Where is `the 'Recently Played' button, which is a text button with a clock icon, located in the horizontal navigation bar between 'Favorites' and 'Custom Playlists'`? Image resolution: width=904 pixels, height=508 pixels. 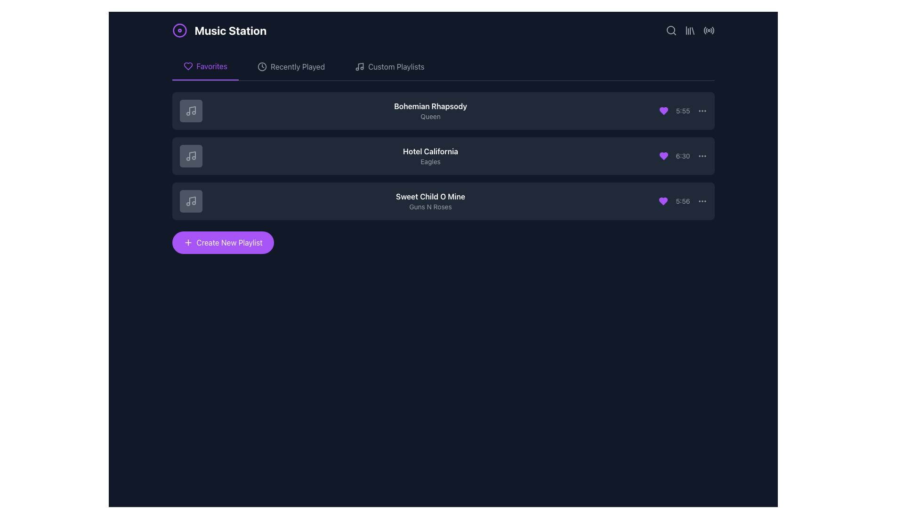
the 'Recently Played' button, which is a text button with a clock icon, located in the horizontal navigation bar between 'Favorites' and 'Custom Playlists' is located at coordinates (291, 66).